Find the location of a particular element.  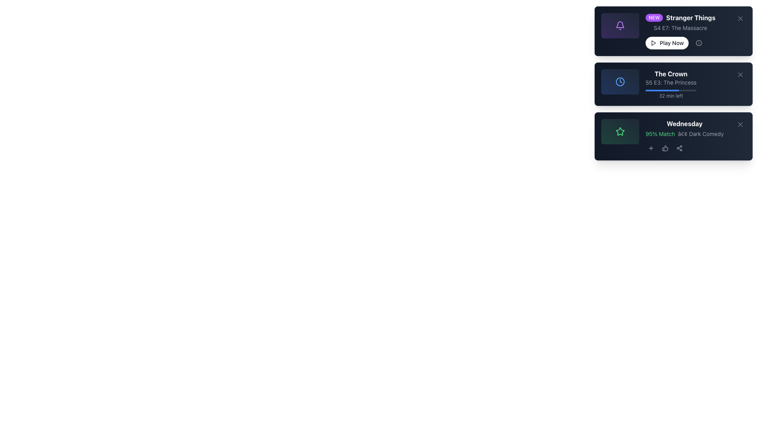

the card UI component that provides details about a specific media item is located at coordinates (649, 84).